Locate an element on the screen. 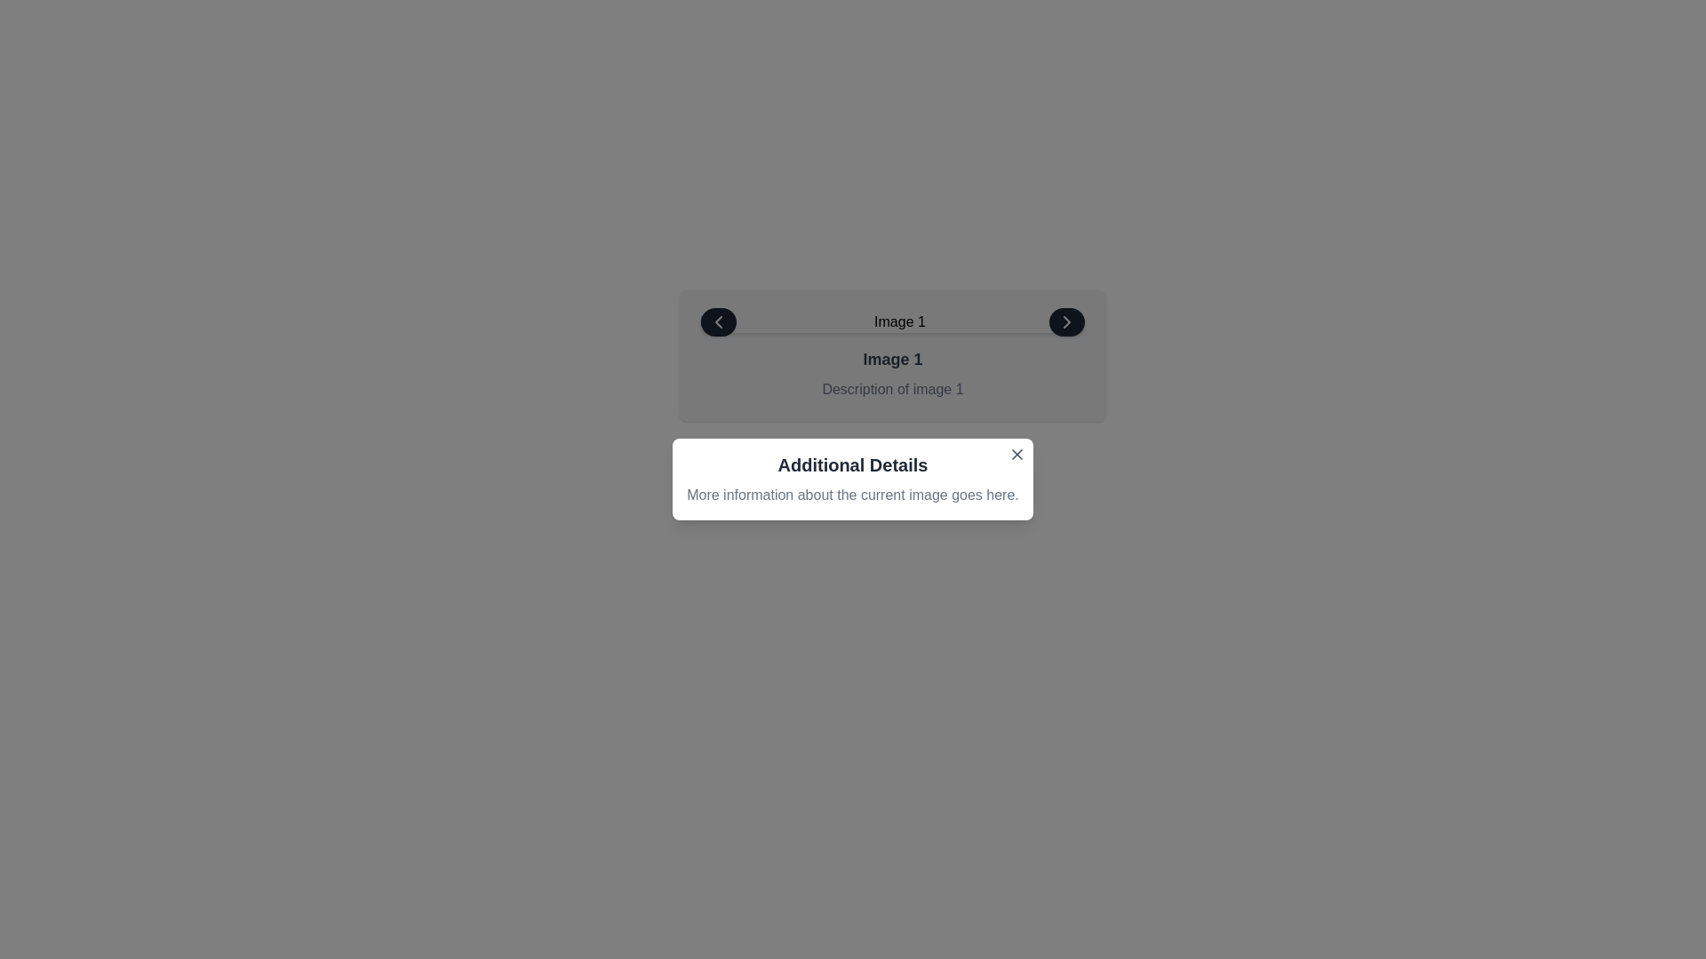  the small gray 'X' button located at the top-right corner of the 'Additional Details' modal to change its appearance is located at coordinates (1016, 454).